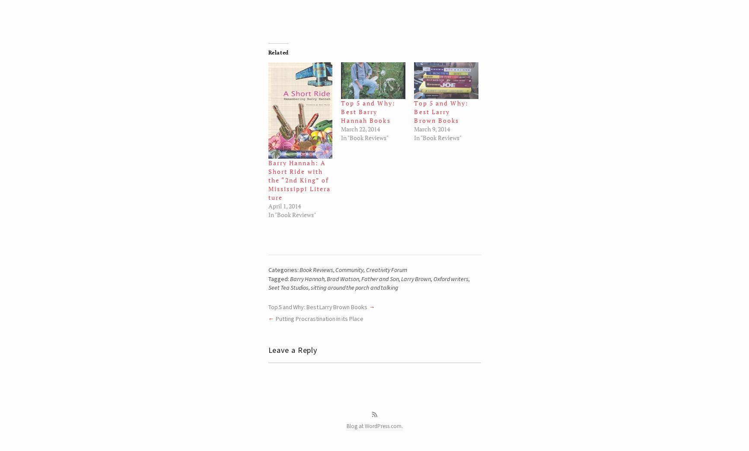 The height and width of the screenshot is (451, 749). Describe the element at coordinates (279, 278) in the screenshot. I see `'Tagged:'` at that location.